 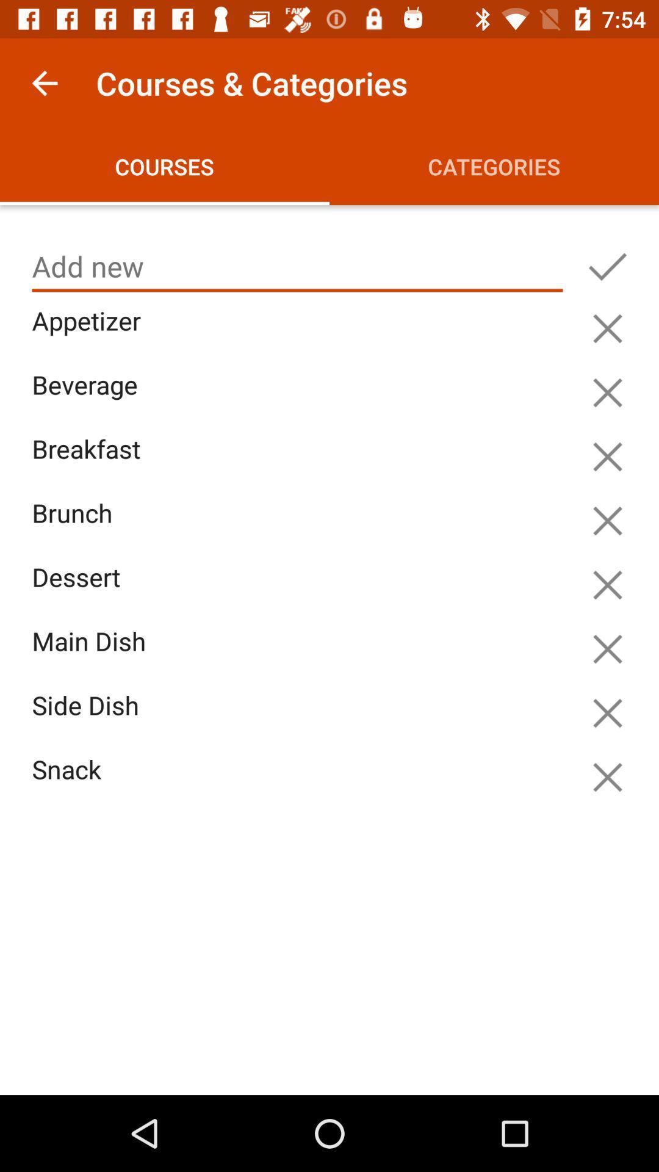 What do you see at coordinates (300, 462) in the screenshot?
I see `breakfast` at bounding box center [300, 462].